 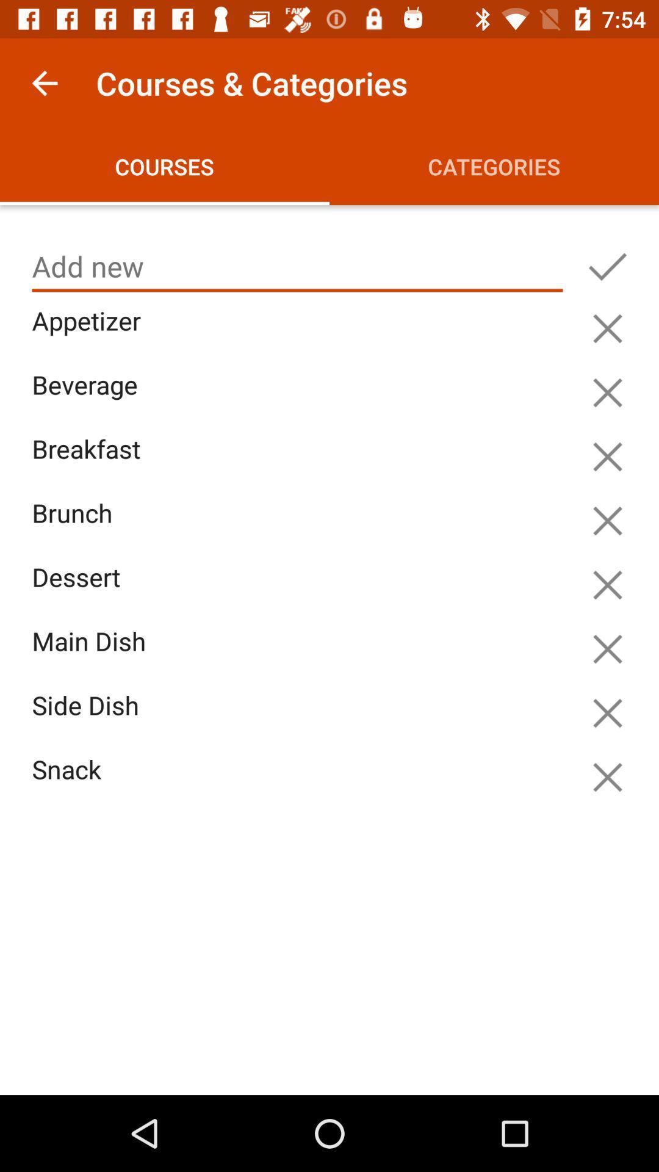 What do you see at coordinates (300, 462) in the screenshot?
I see `breakfast` at bounding box center [300, 462].